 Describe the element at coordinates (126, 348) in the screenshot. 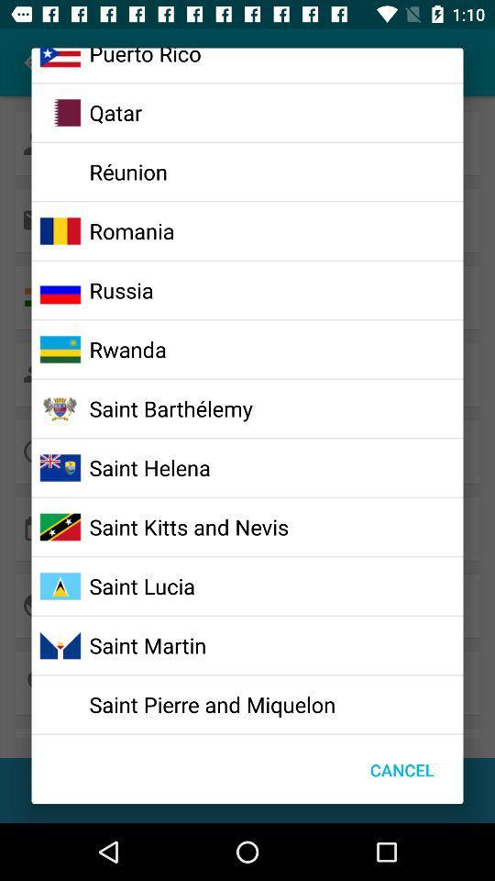

I see `the rwanda icon` at that location.